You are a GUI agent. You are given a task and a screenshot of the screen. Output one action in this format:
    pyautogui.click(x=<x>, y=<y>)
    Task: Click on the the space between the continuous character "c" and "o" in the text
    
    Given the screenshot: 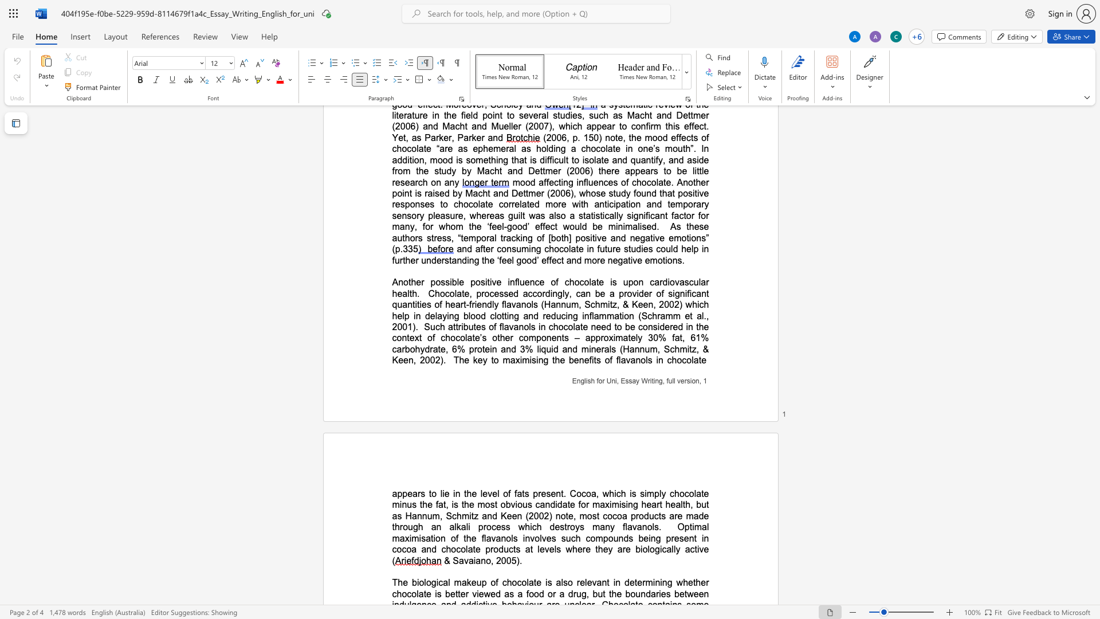 What is the action you would take?
    pyautogui.click(x=686, y=359)
    